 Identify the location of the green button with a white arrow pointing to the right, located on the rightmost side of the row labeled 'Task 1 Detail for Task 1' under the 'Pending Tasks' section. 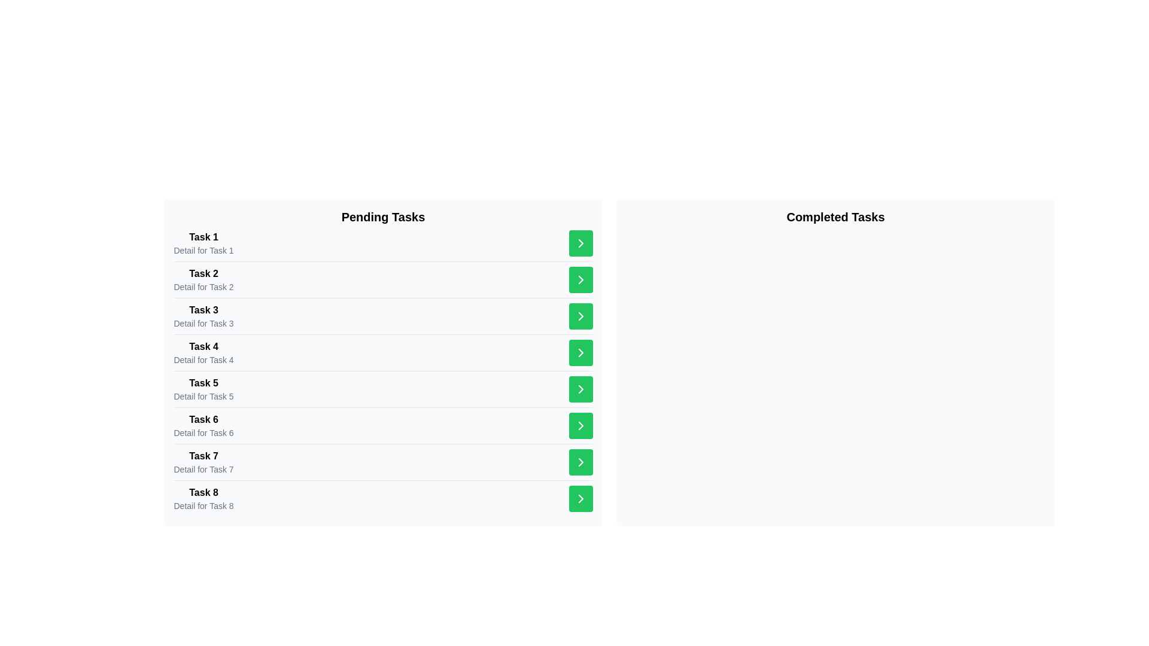
(580, 243).